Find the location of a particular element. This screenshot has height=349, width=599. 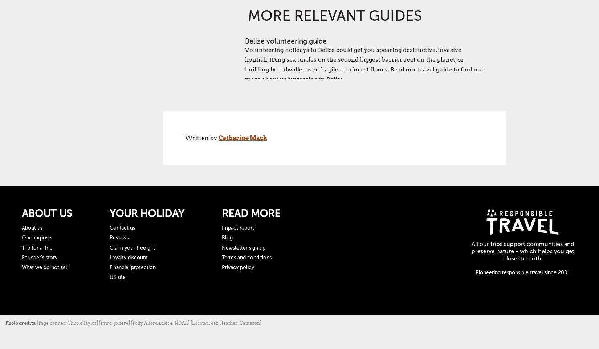

'Terms and conditions' is located at coordinates (221, 257).